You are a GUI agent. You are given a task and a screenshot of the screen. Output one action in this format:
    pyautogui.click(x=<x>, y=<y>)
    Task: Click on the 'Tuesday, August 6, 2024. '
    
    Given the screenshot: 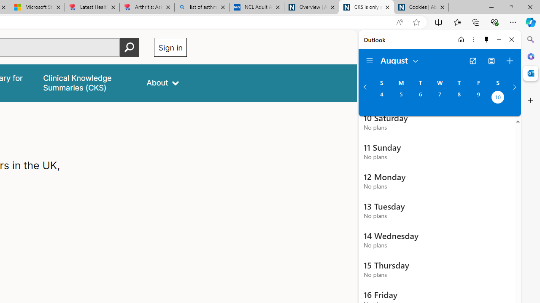 What is the action you would take?
    pyautogui.click(x=420, y=98)
    